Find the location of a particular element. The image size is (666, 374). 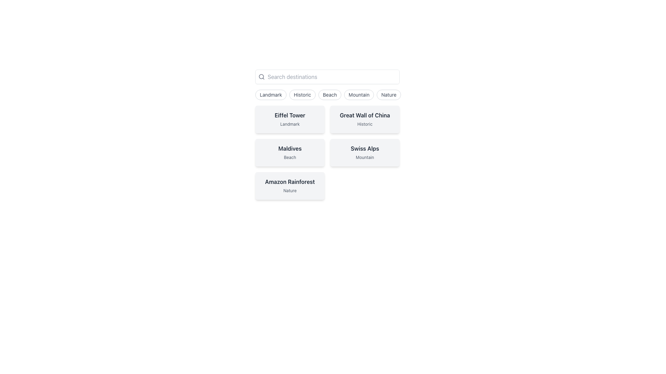

the 'Mountain' filter button, which is the fourth button in a row of five, located below the search bar is located at coordinates (359, 95).